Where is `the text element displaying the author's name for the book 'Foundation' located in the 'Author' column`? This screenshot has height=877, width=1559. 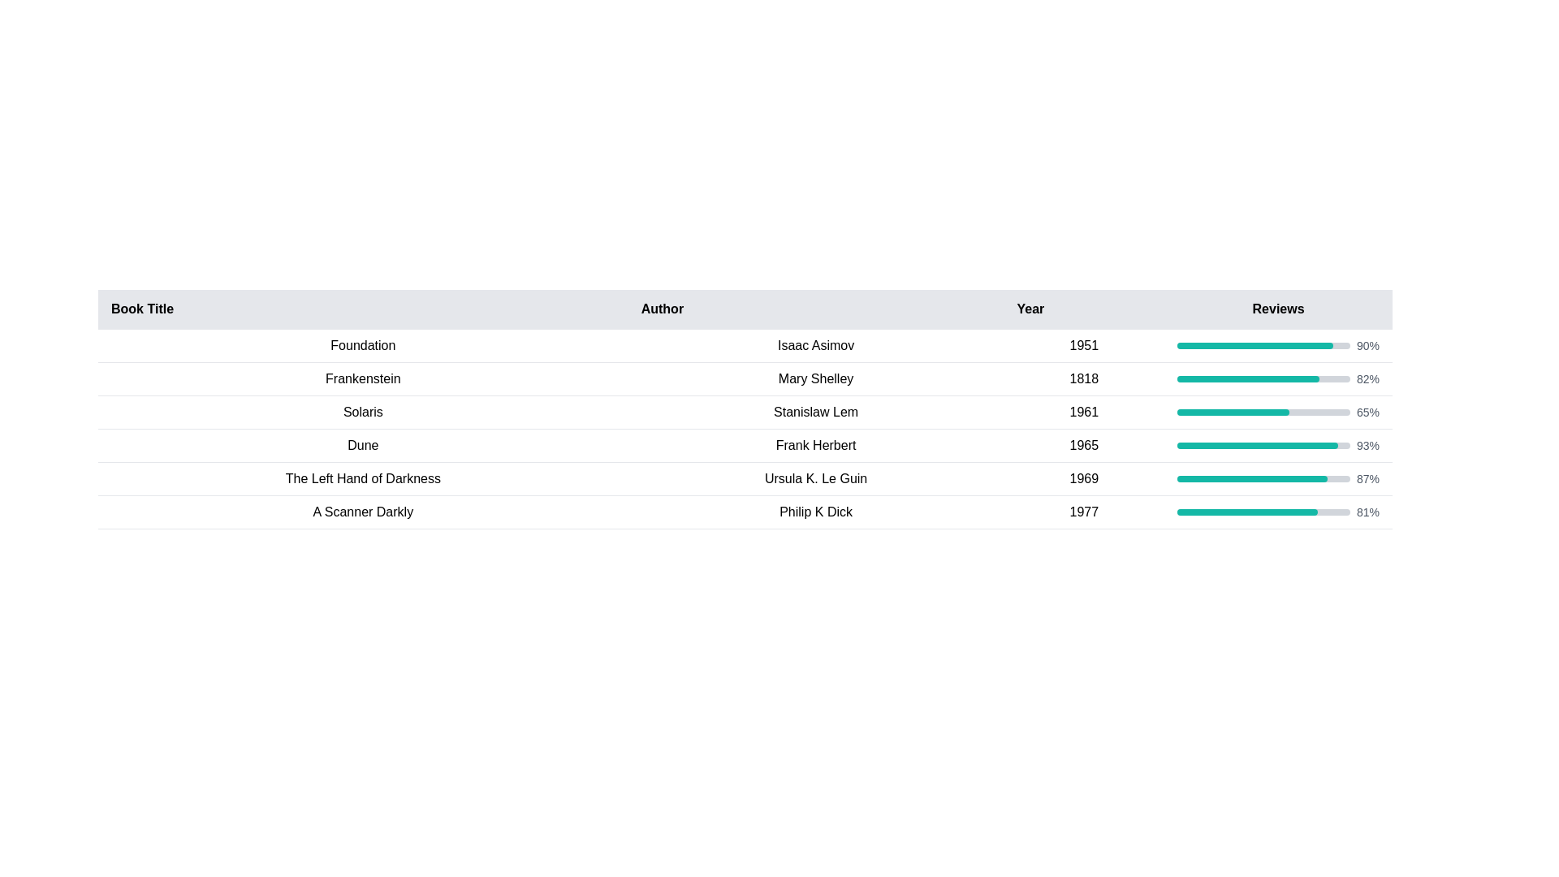
the text element displaying the author's name for the book 'Foundation' located in the 'Author' column is located at coordinates (816, 344).